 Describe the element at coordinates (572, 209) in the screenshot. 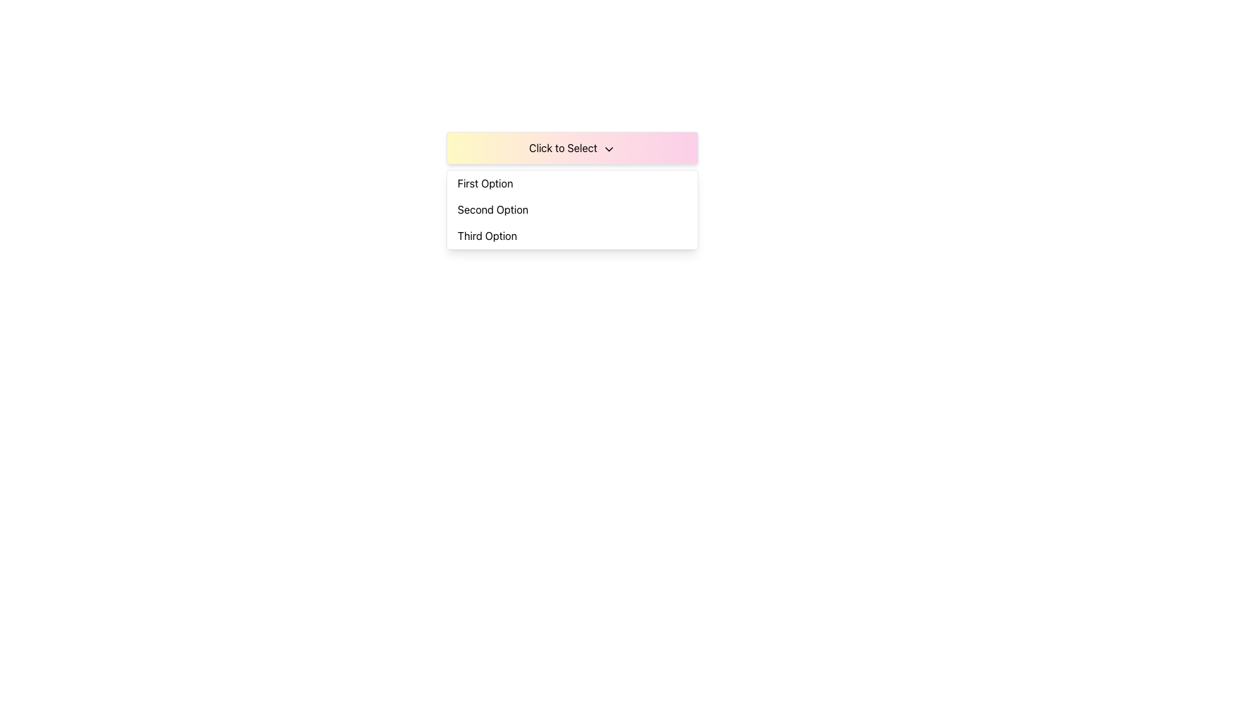

I see `the 'Second Option' in the dropdown menu located below the 'Click` at that location.